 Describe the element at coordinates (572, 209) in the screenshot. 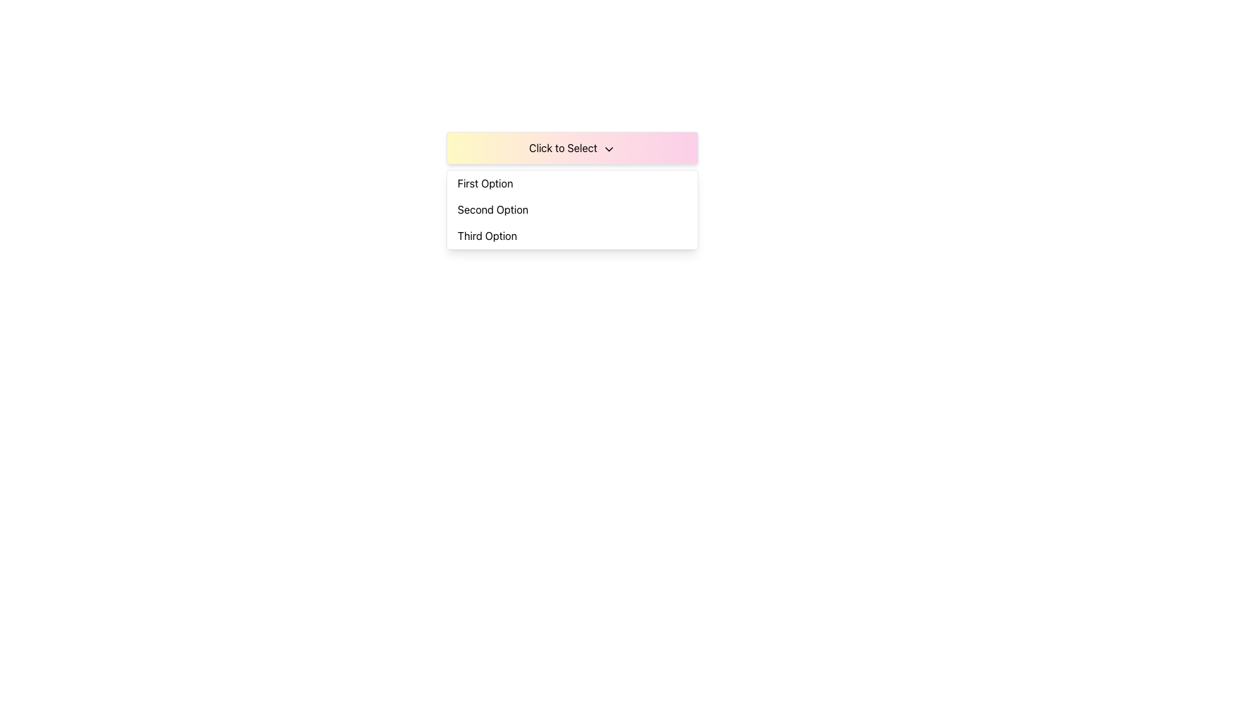

I see `the 'Second Option' in the dropdown menu located below the 'Click` at that location.